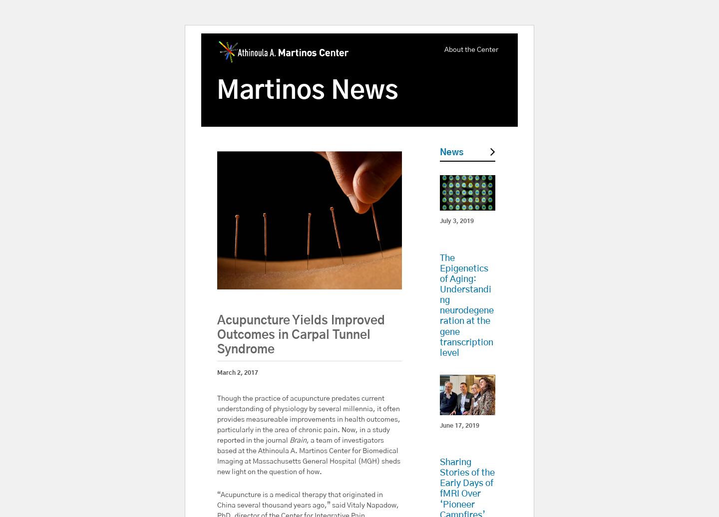 This screenshot has width=719, height=517. Describe the element at coordinates (456, 221) in the screenshot. I see `'July 3, 2019'` at that location.